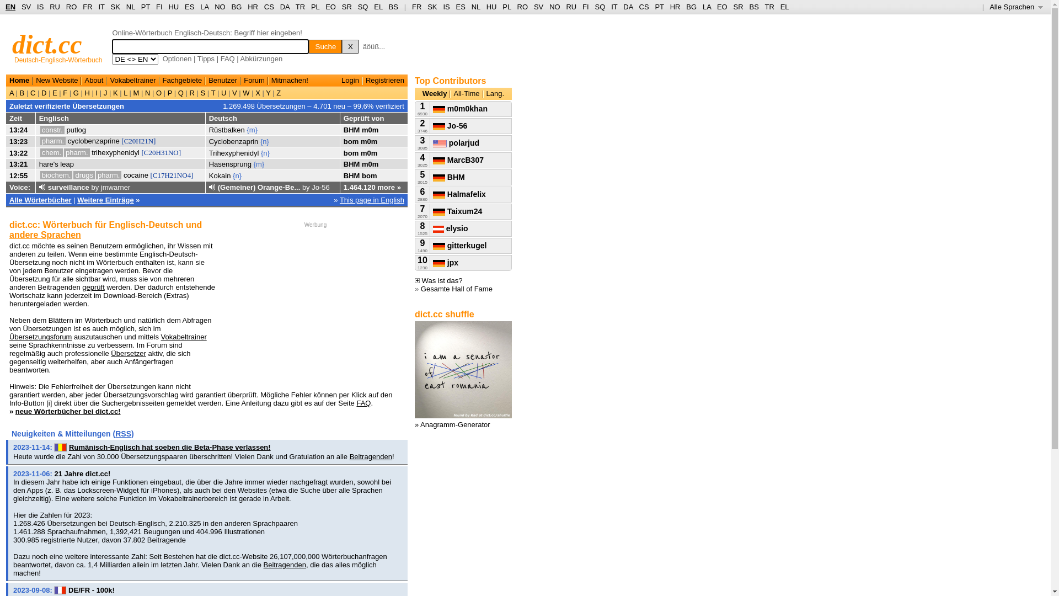 This screenshot has height=596, width=1059. I want to click on 'IT', so click(613, 7).